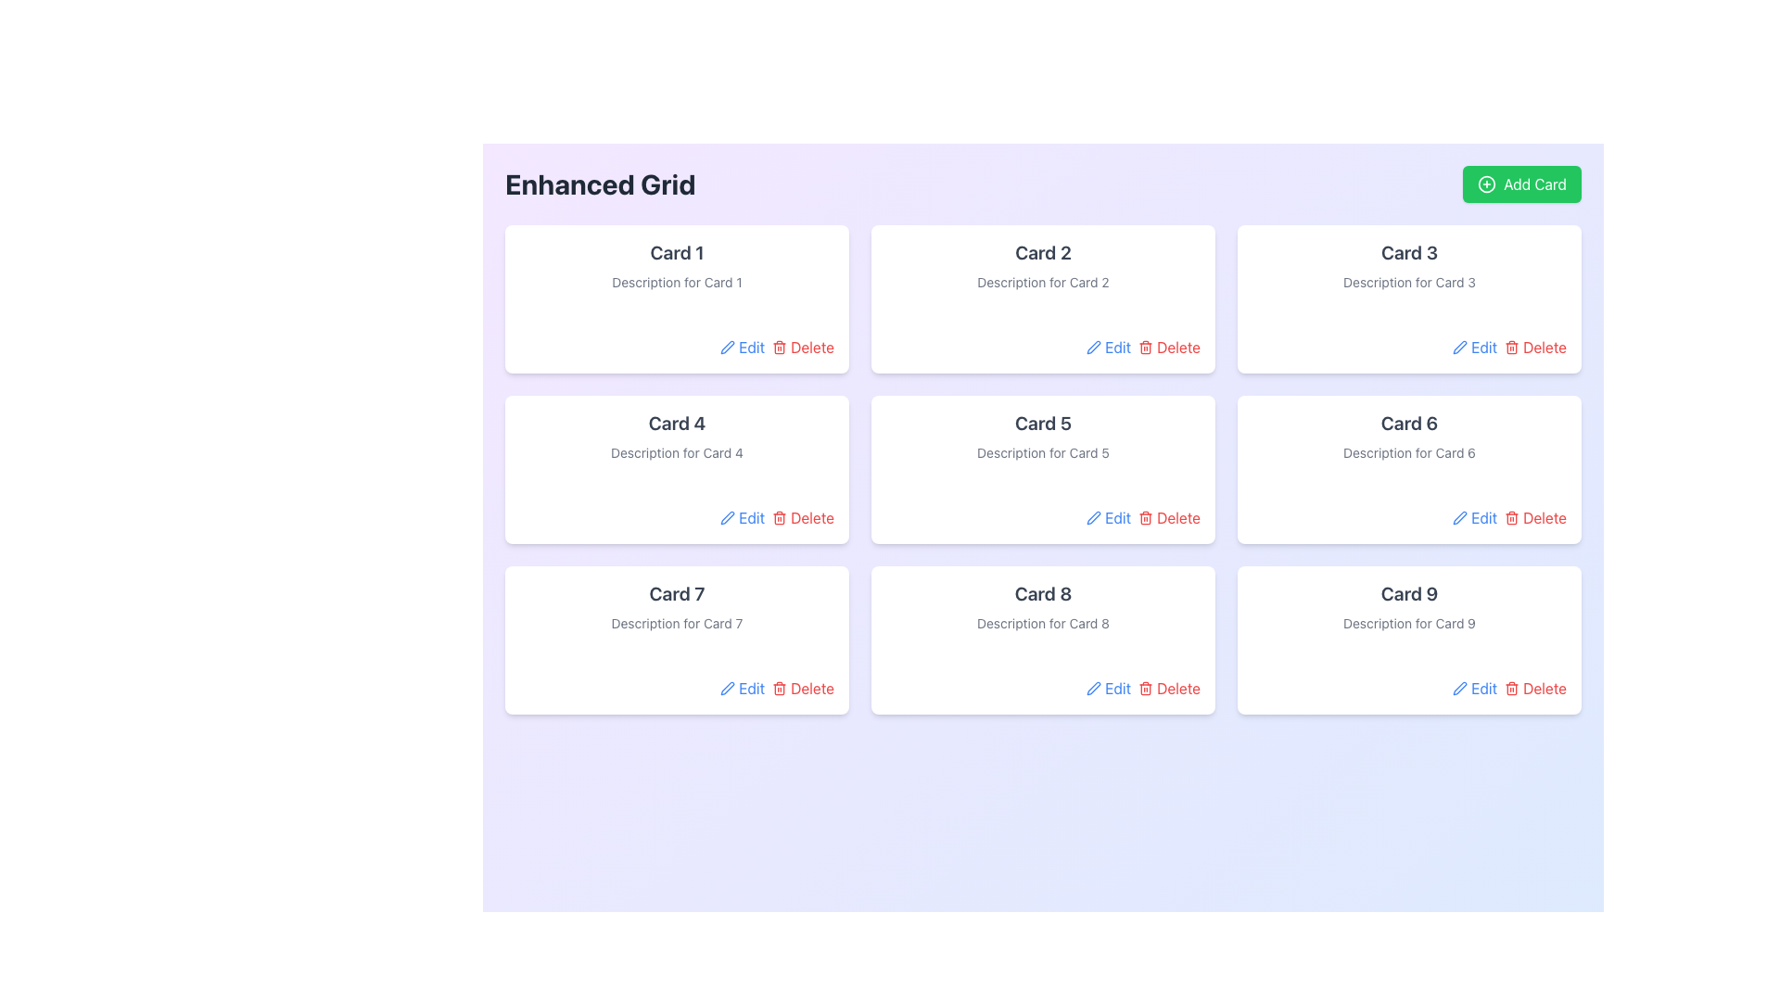 This screenshot has width=1780, height=1001. What do you see at coordinates (676, 453) in the screenshot?
I see `the text label displaying 'Description for Card 4' located below the title 'Card 4' in the card interface` at bounding box center [676, 453].